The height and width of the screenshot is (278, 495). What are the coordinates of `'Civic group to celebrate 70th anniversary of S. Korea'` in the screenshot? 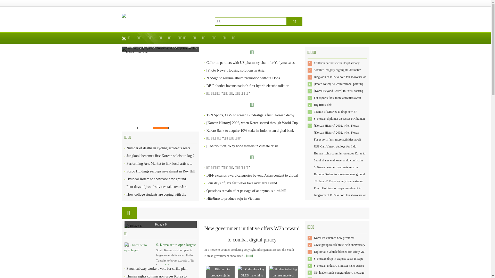 It's located at (340, 248).